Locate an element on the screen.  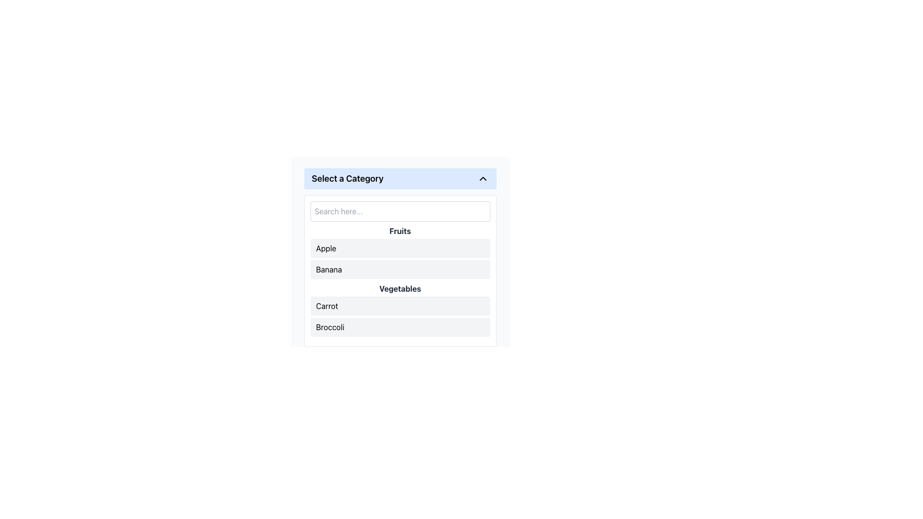
the 'Fruits' category section which contains the items 'Apple' and 'Banana' in a vertical list format is located at coordinates (400, 251).